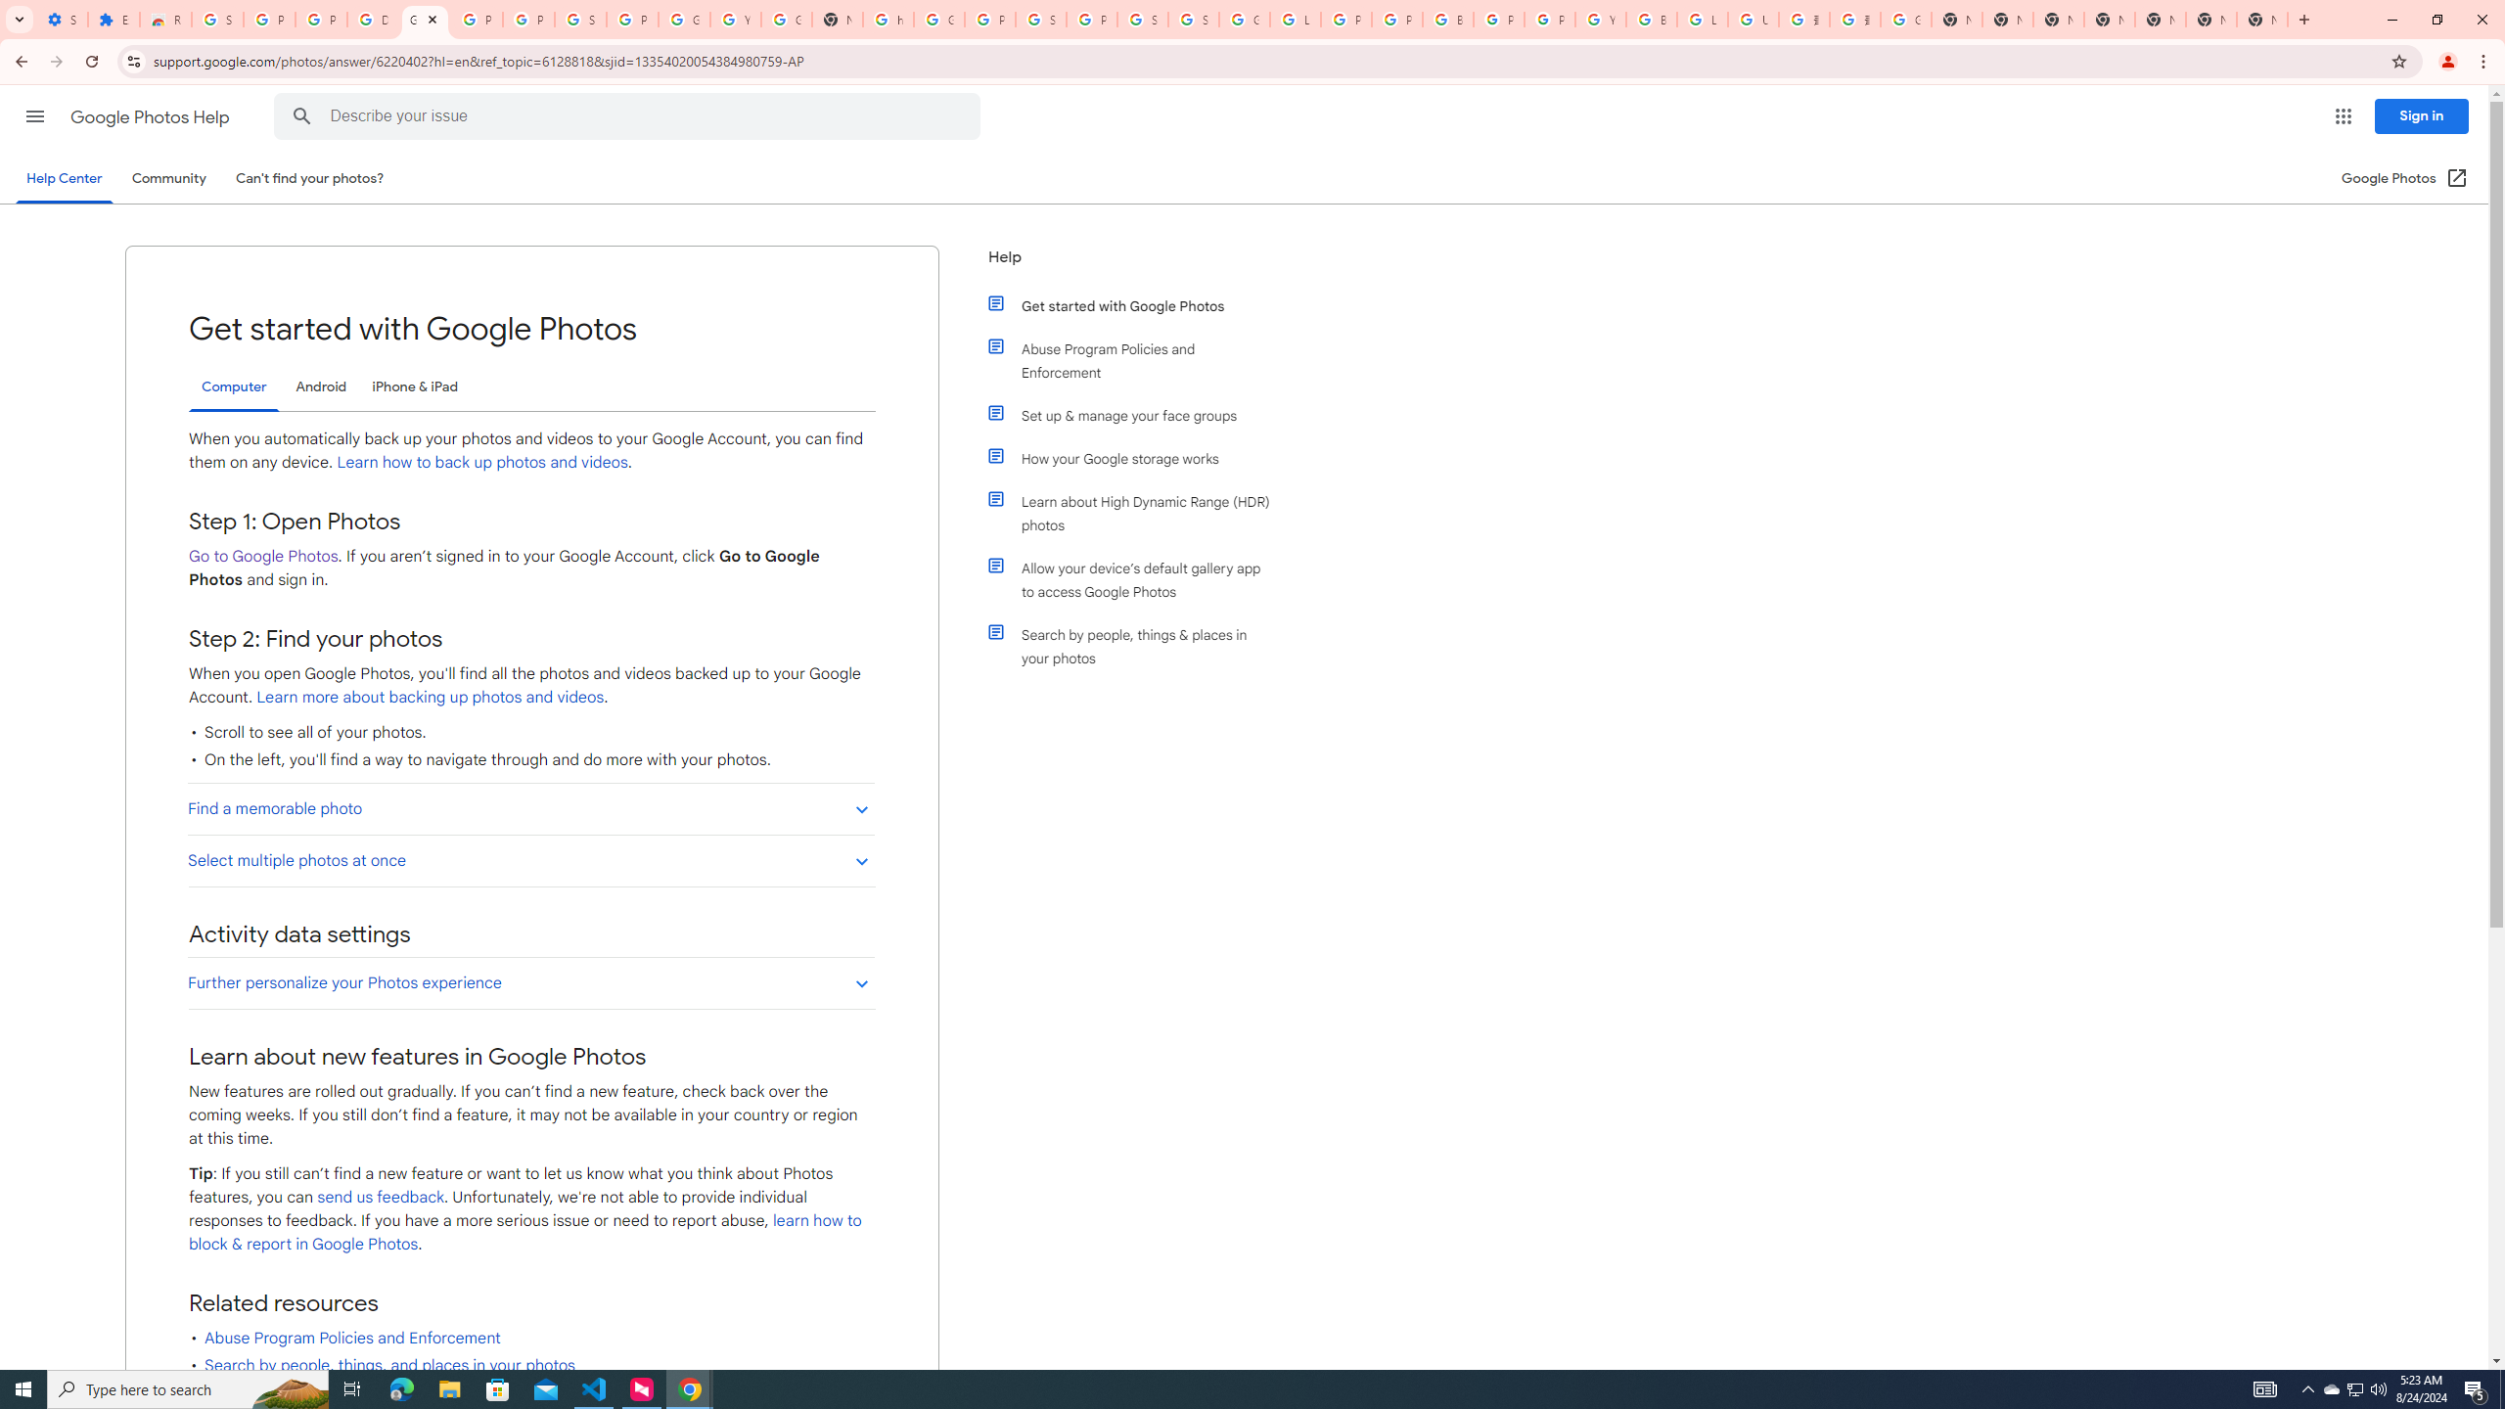 The width and height of the screenshot is (2505, 1409). Describe the element at coordinates (1137, 306) in the screenshot. I see `'Get started with Google Photos'` at that location.